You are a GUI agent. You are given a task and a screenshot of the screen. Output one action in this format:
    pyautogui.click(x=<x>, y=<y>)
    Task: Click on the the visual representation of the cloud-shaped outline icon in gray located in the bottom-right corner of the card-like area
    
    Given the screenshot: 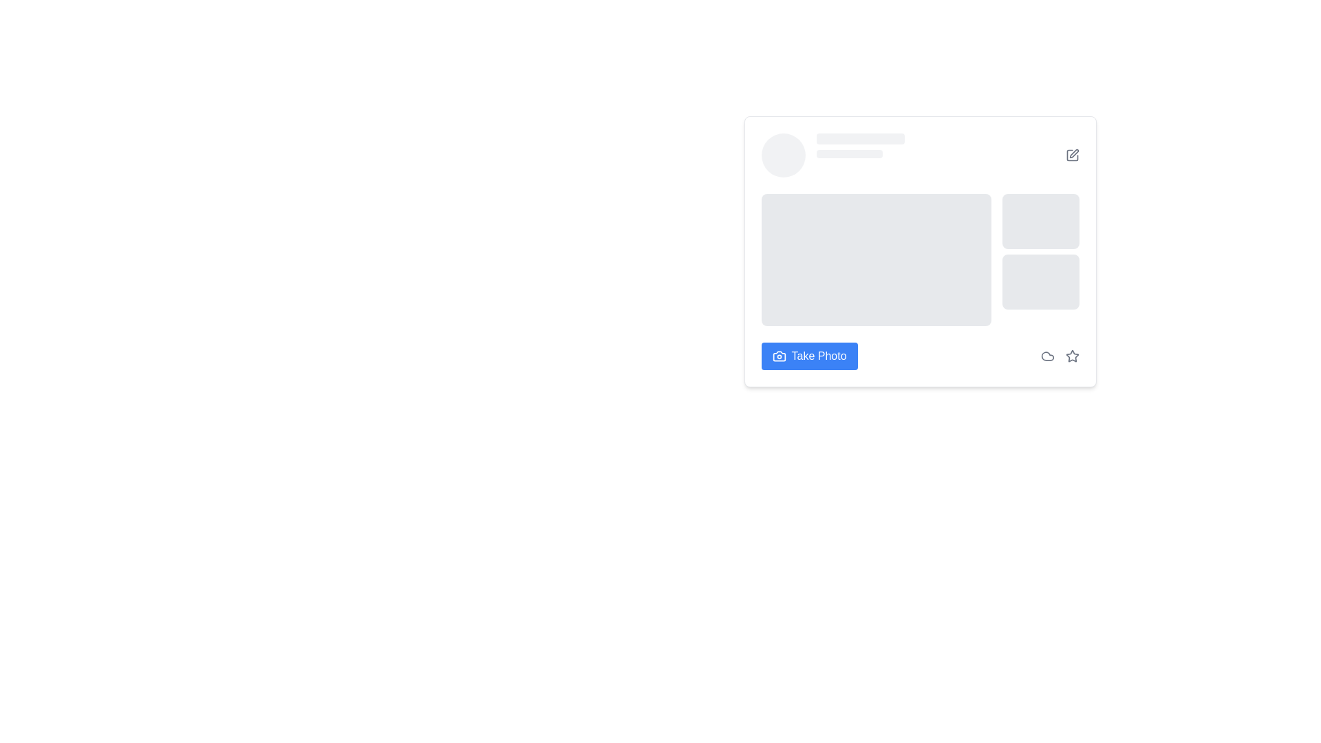 What is the action you would take?
    pyautogui.click(x=1046, y=355)
    